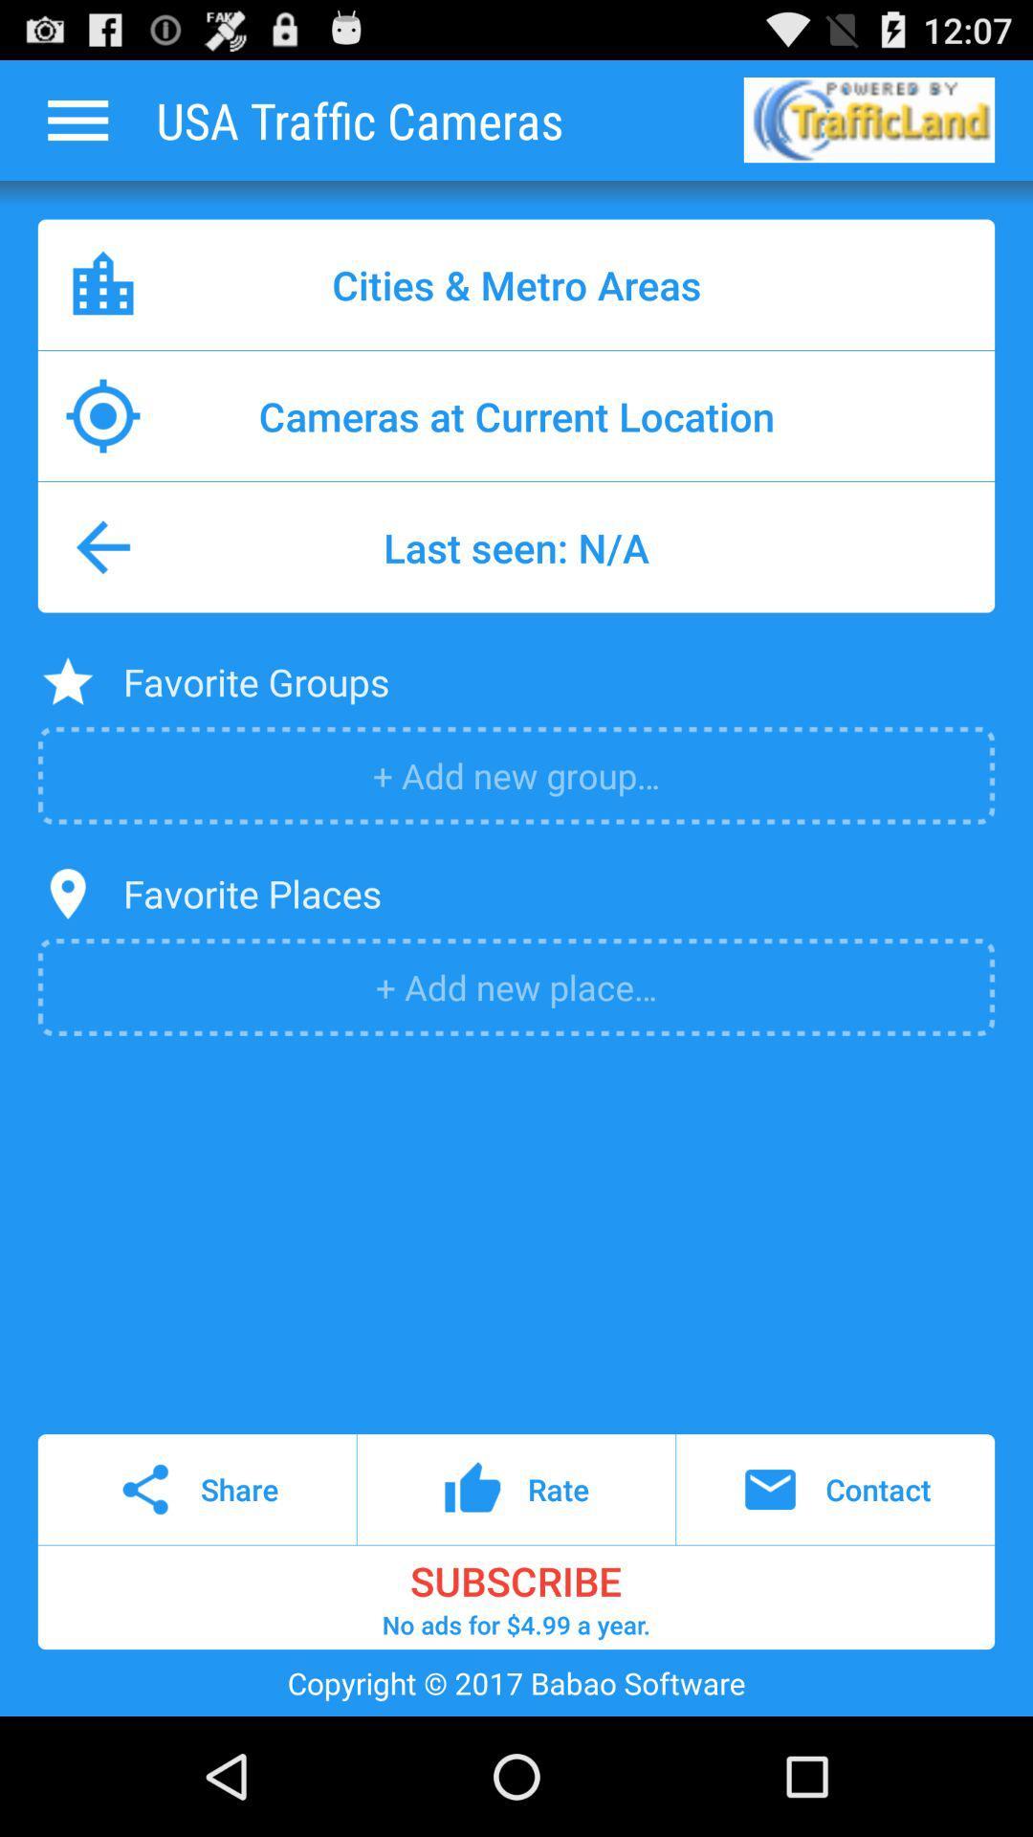  I want to click on previous, so click(77, 119).